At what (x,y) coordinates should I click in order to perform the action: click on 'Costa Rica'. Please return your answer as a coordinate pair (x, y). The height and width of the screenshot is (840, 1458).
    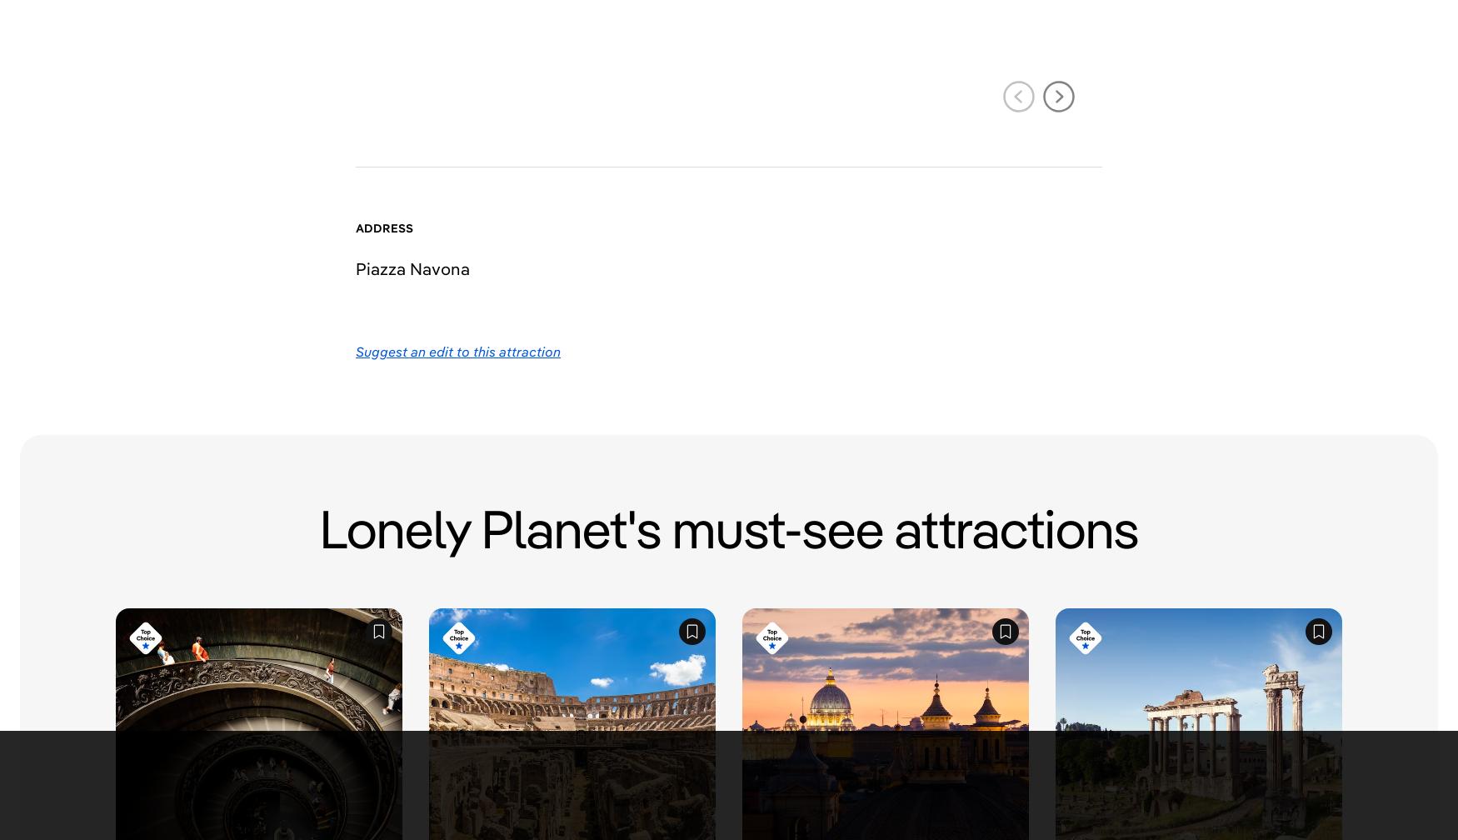
    Looking at the image, I should click on (633, 416).